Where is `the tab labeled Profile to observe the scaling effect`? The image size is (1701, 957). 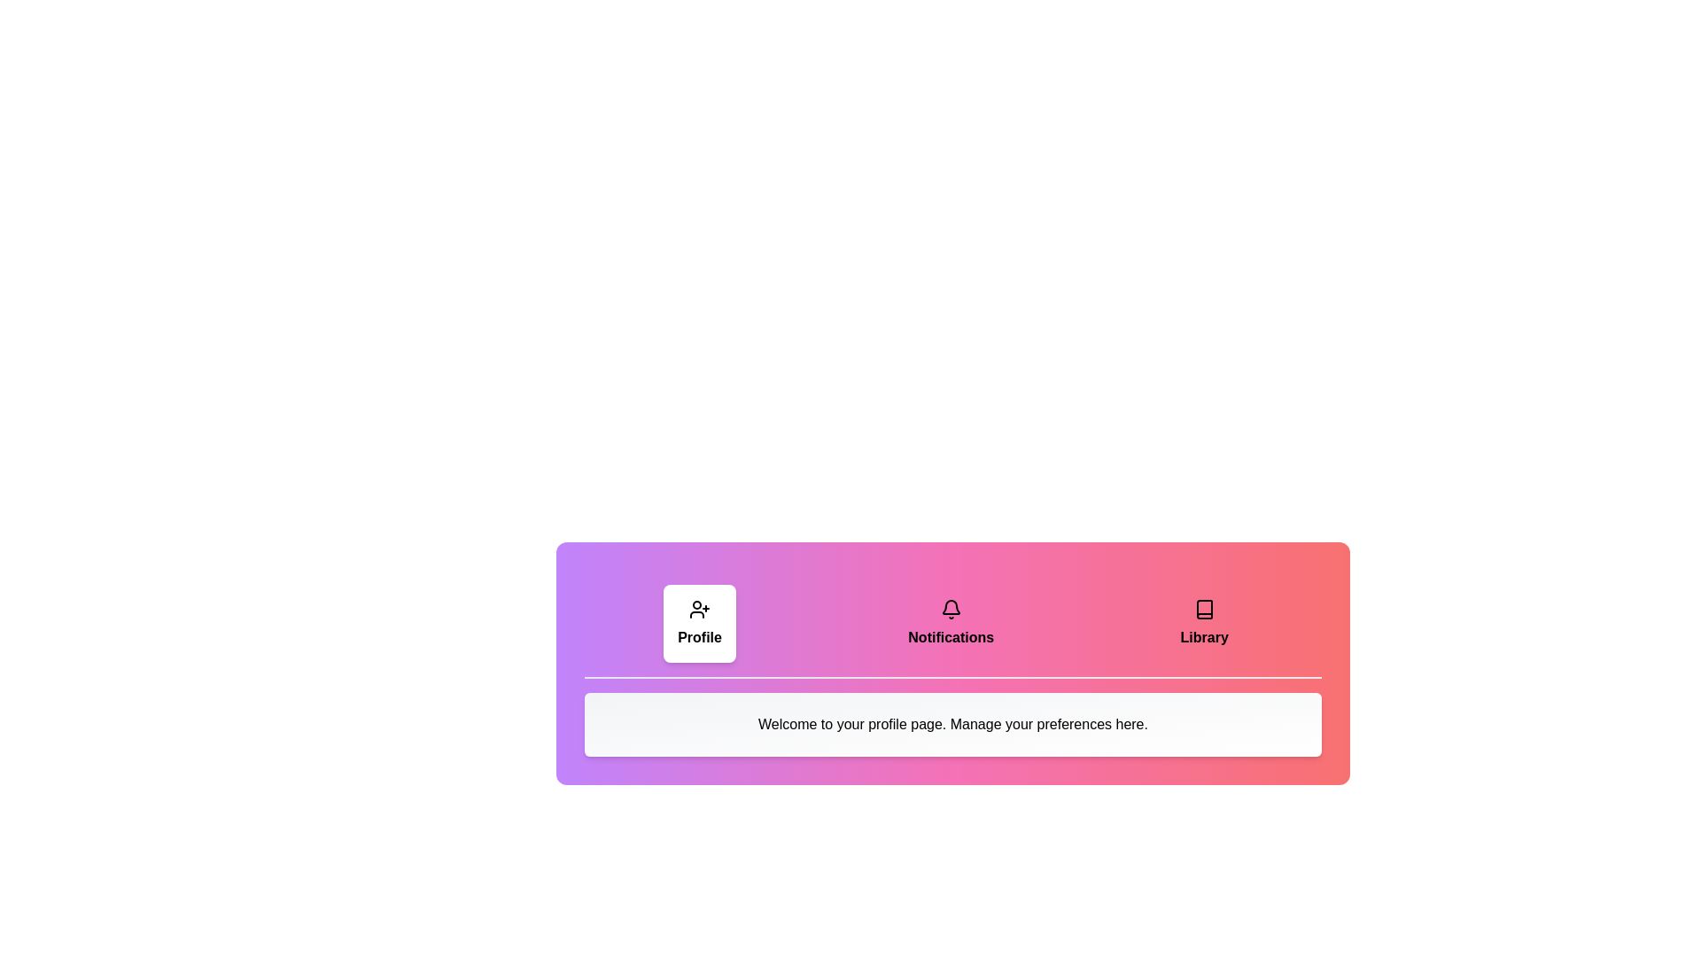
the tab labeled Profile to observe the scaling effect is located at coordinates (699, 623).